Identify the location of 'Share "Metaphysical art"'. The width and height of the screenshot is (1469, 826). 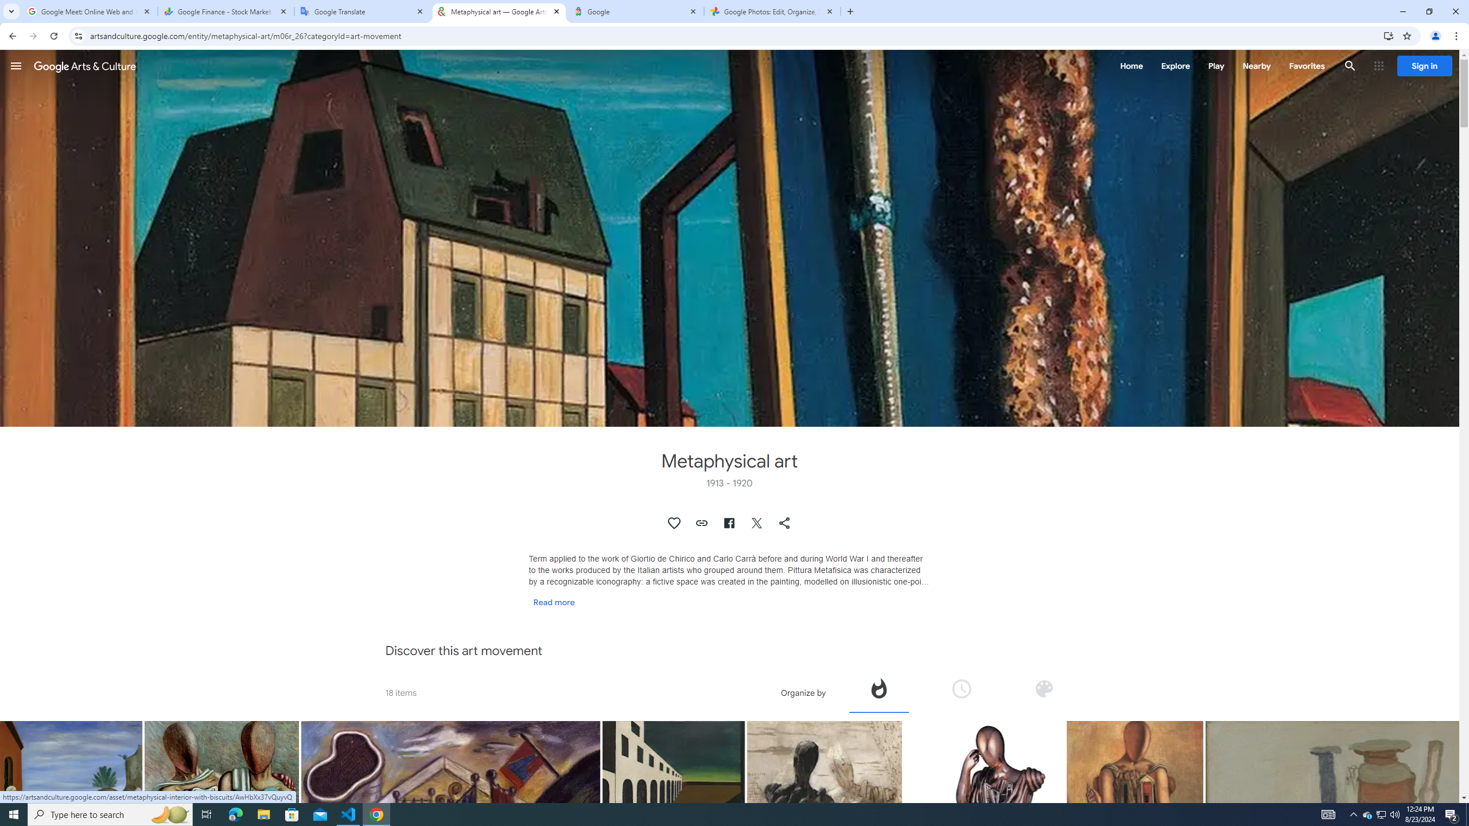
(784, 523).